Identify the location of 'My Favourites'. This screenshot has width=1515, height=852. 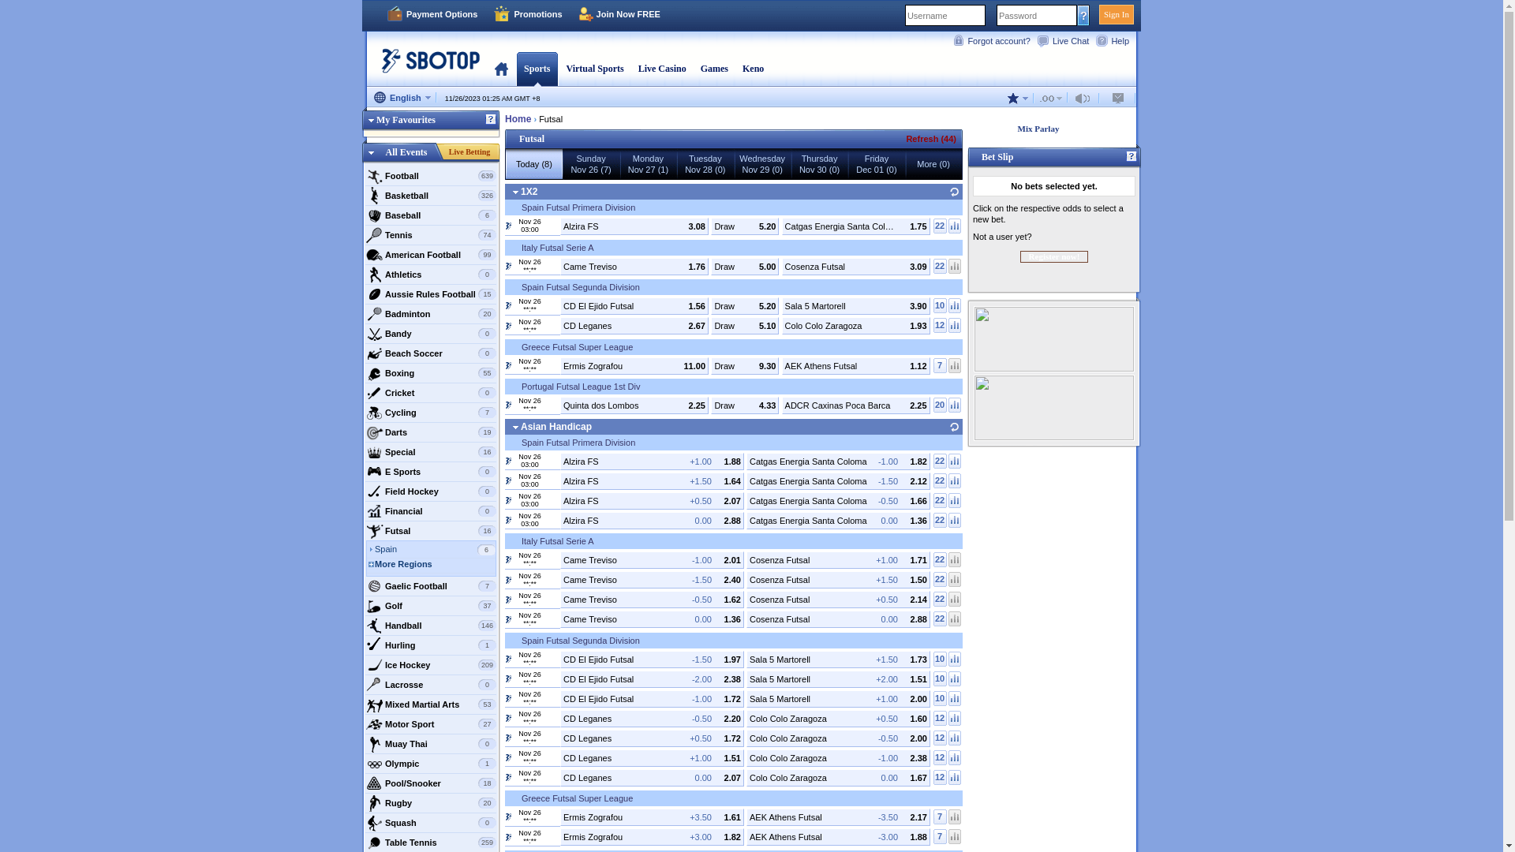
(431, 121).